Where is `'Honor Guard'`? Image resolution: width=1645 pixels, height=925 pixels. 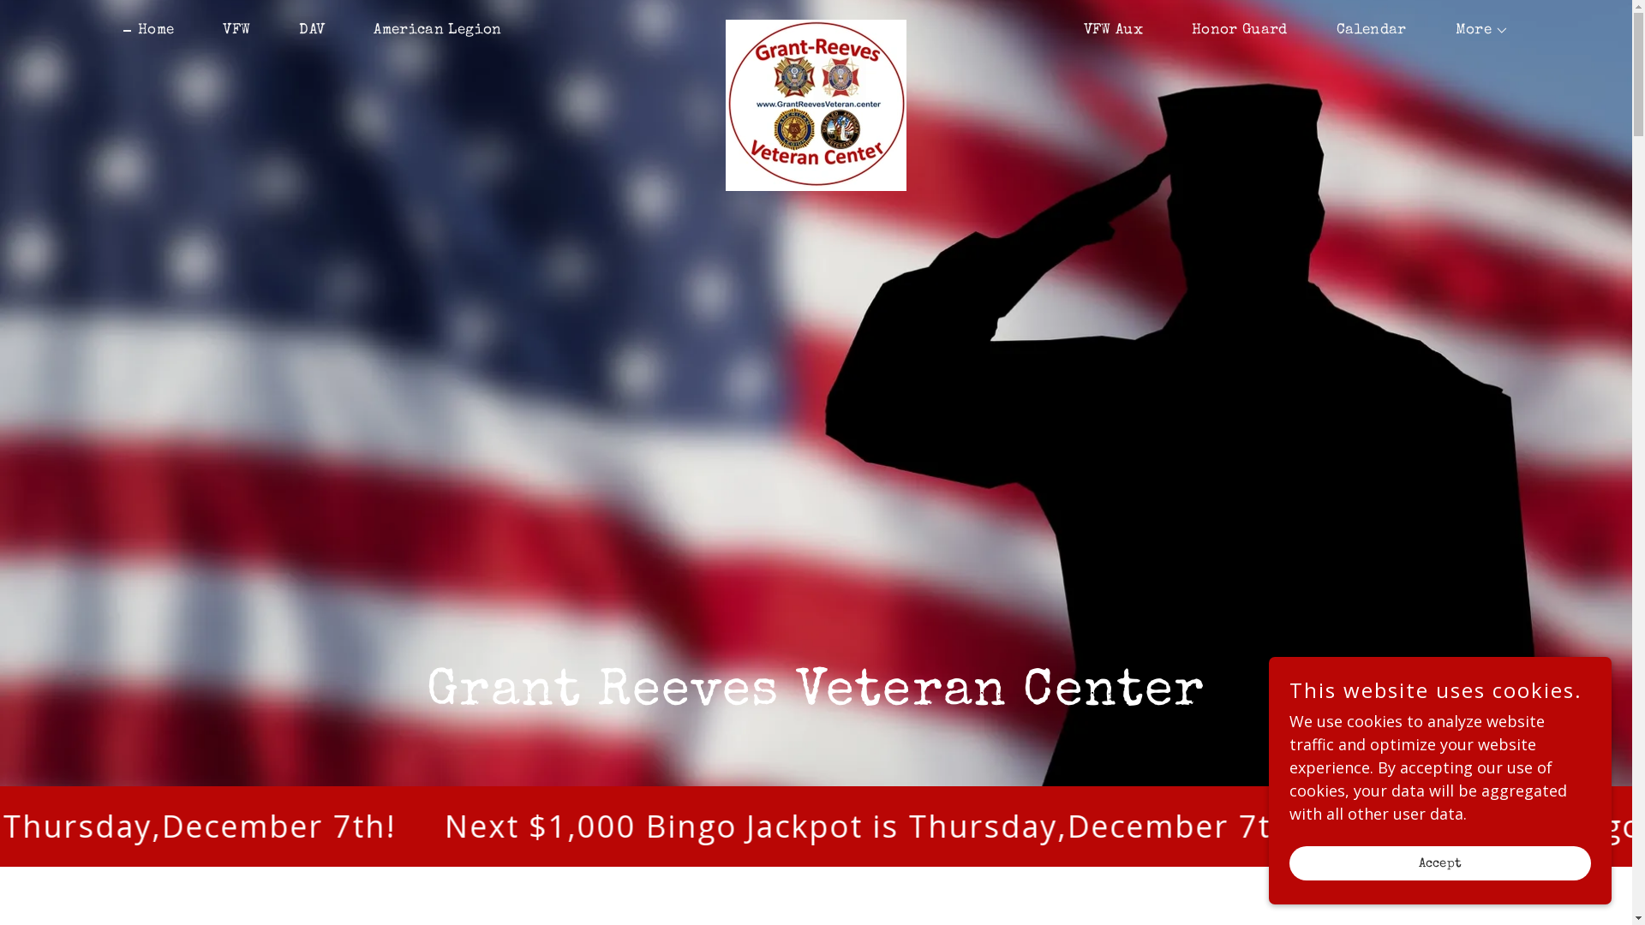 'Honor Guard' is located at coordinates (1231, 30).